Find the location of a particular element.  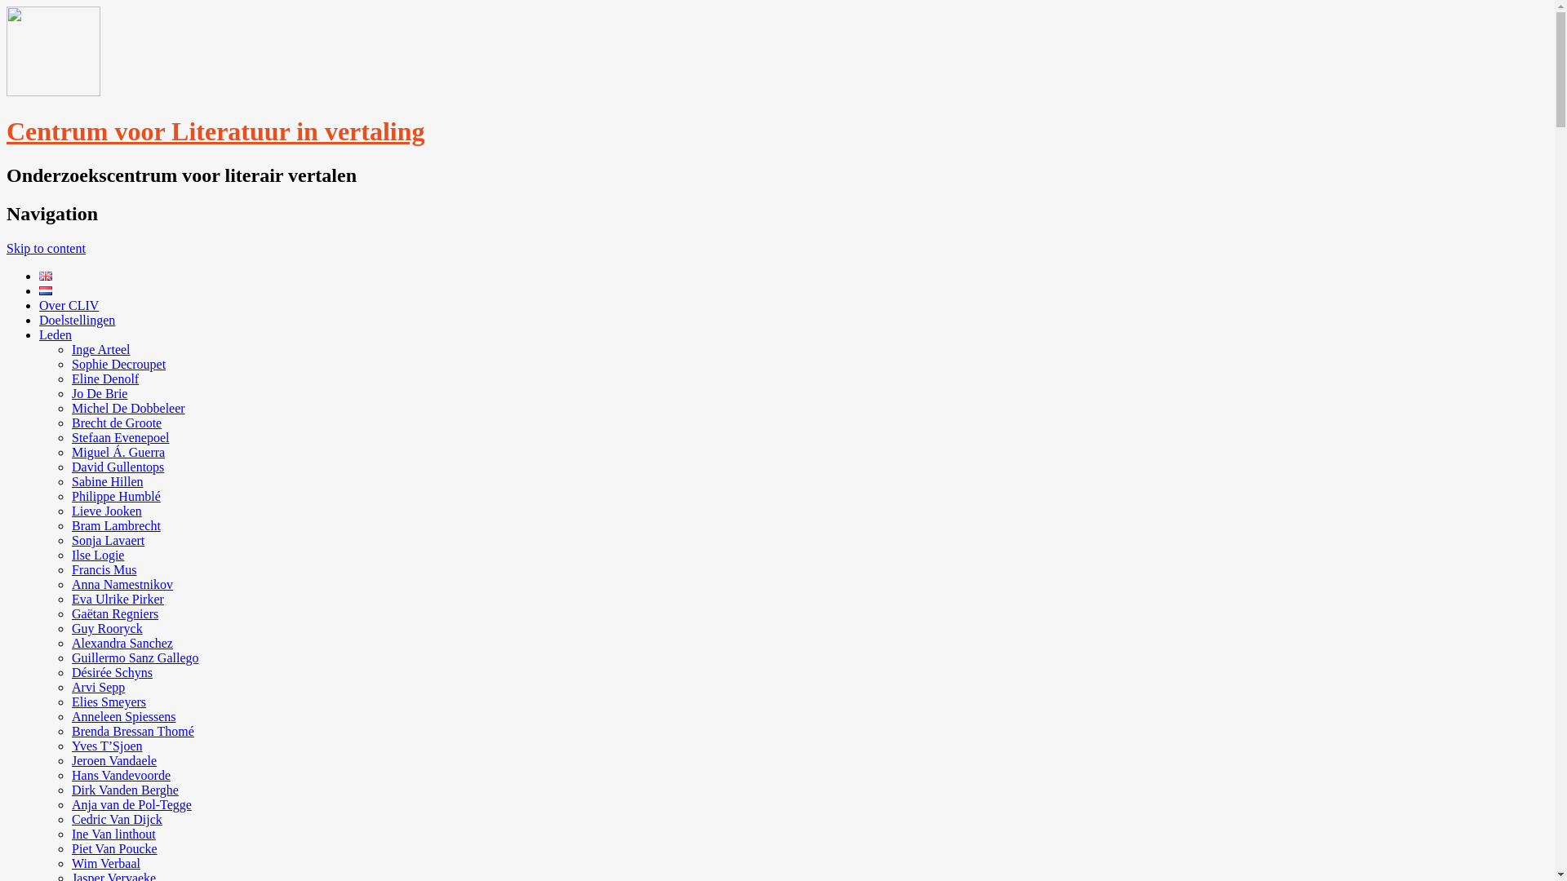

'Eva Ulrike Pirker' is located at coordinates (117, 599).